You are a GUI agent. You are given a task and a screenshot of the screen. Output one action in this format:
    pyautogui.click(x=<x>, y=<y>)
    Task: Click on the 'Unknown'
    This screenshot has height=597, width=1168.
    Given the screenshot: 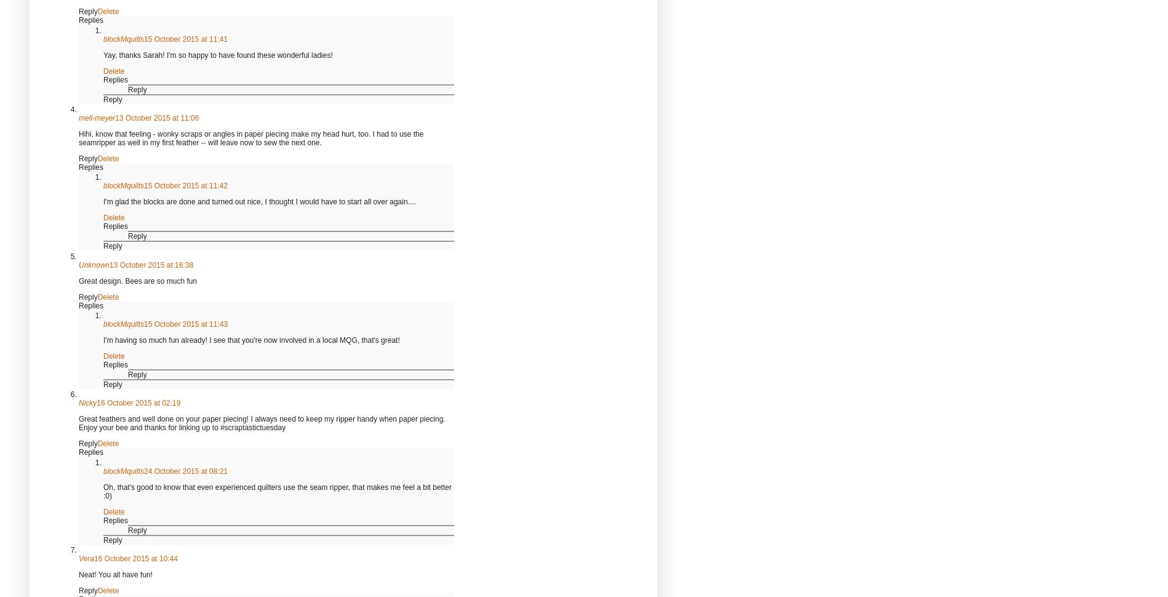 What is the action you would take?
    pyautogui.click(x=94, y=265)
    